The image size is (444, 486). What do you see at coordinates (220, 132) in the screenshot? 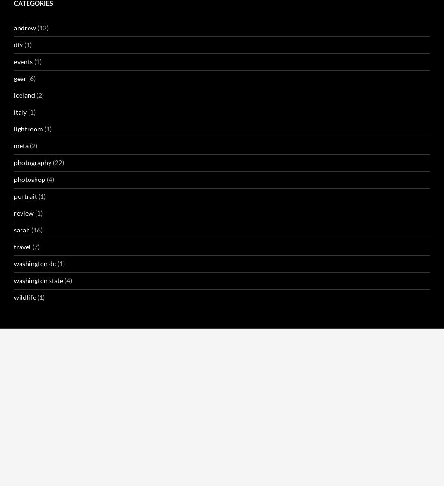
I see `'Andrew here.  I’m rarely somewhere scenic for long.  I’d say 99 times out of 100, I’m in front of something photographically compelling once, either as an intentional destination, or stopping while in transit to somewhere else.  If I’m going there on purpose, I *try* to time it for good conditions — the right light, the right time of year, the right weather… and so on — but that’s not always an option.  That’s even less likely when I happen upon something interesting.'` at bounding box center [220, 132].